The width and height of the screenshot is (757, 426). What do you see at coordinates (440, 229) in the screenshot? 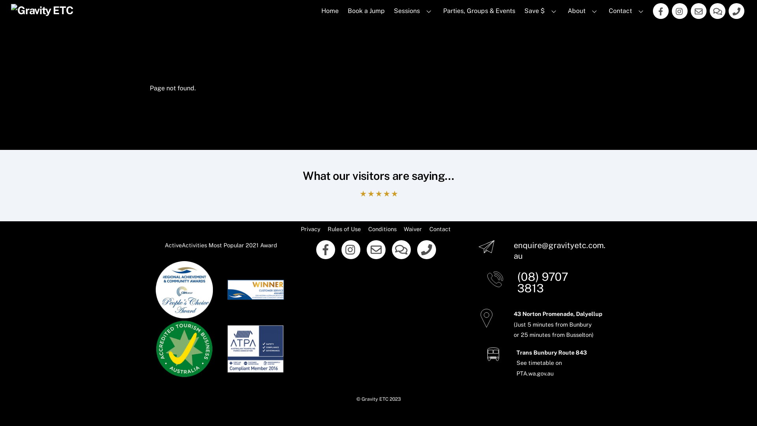
I see `'Contact'` at bounding box center [440, 229].